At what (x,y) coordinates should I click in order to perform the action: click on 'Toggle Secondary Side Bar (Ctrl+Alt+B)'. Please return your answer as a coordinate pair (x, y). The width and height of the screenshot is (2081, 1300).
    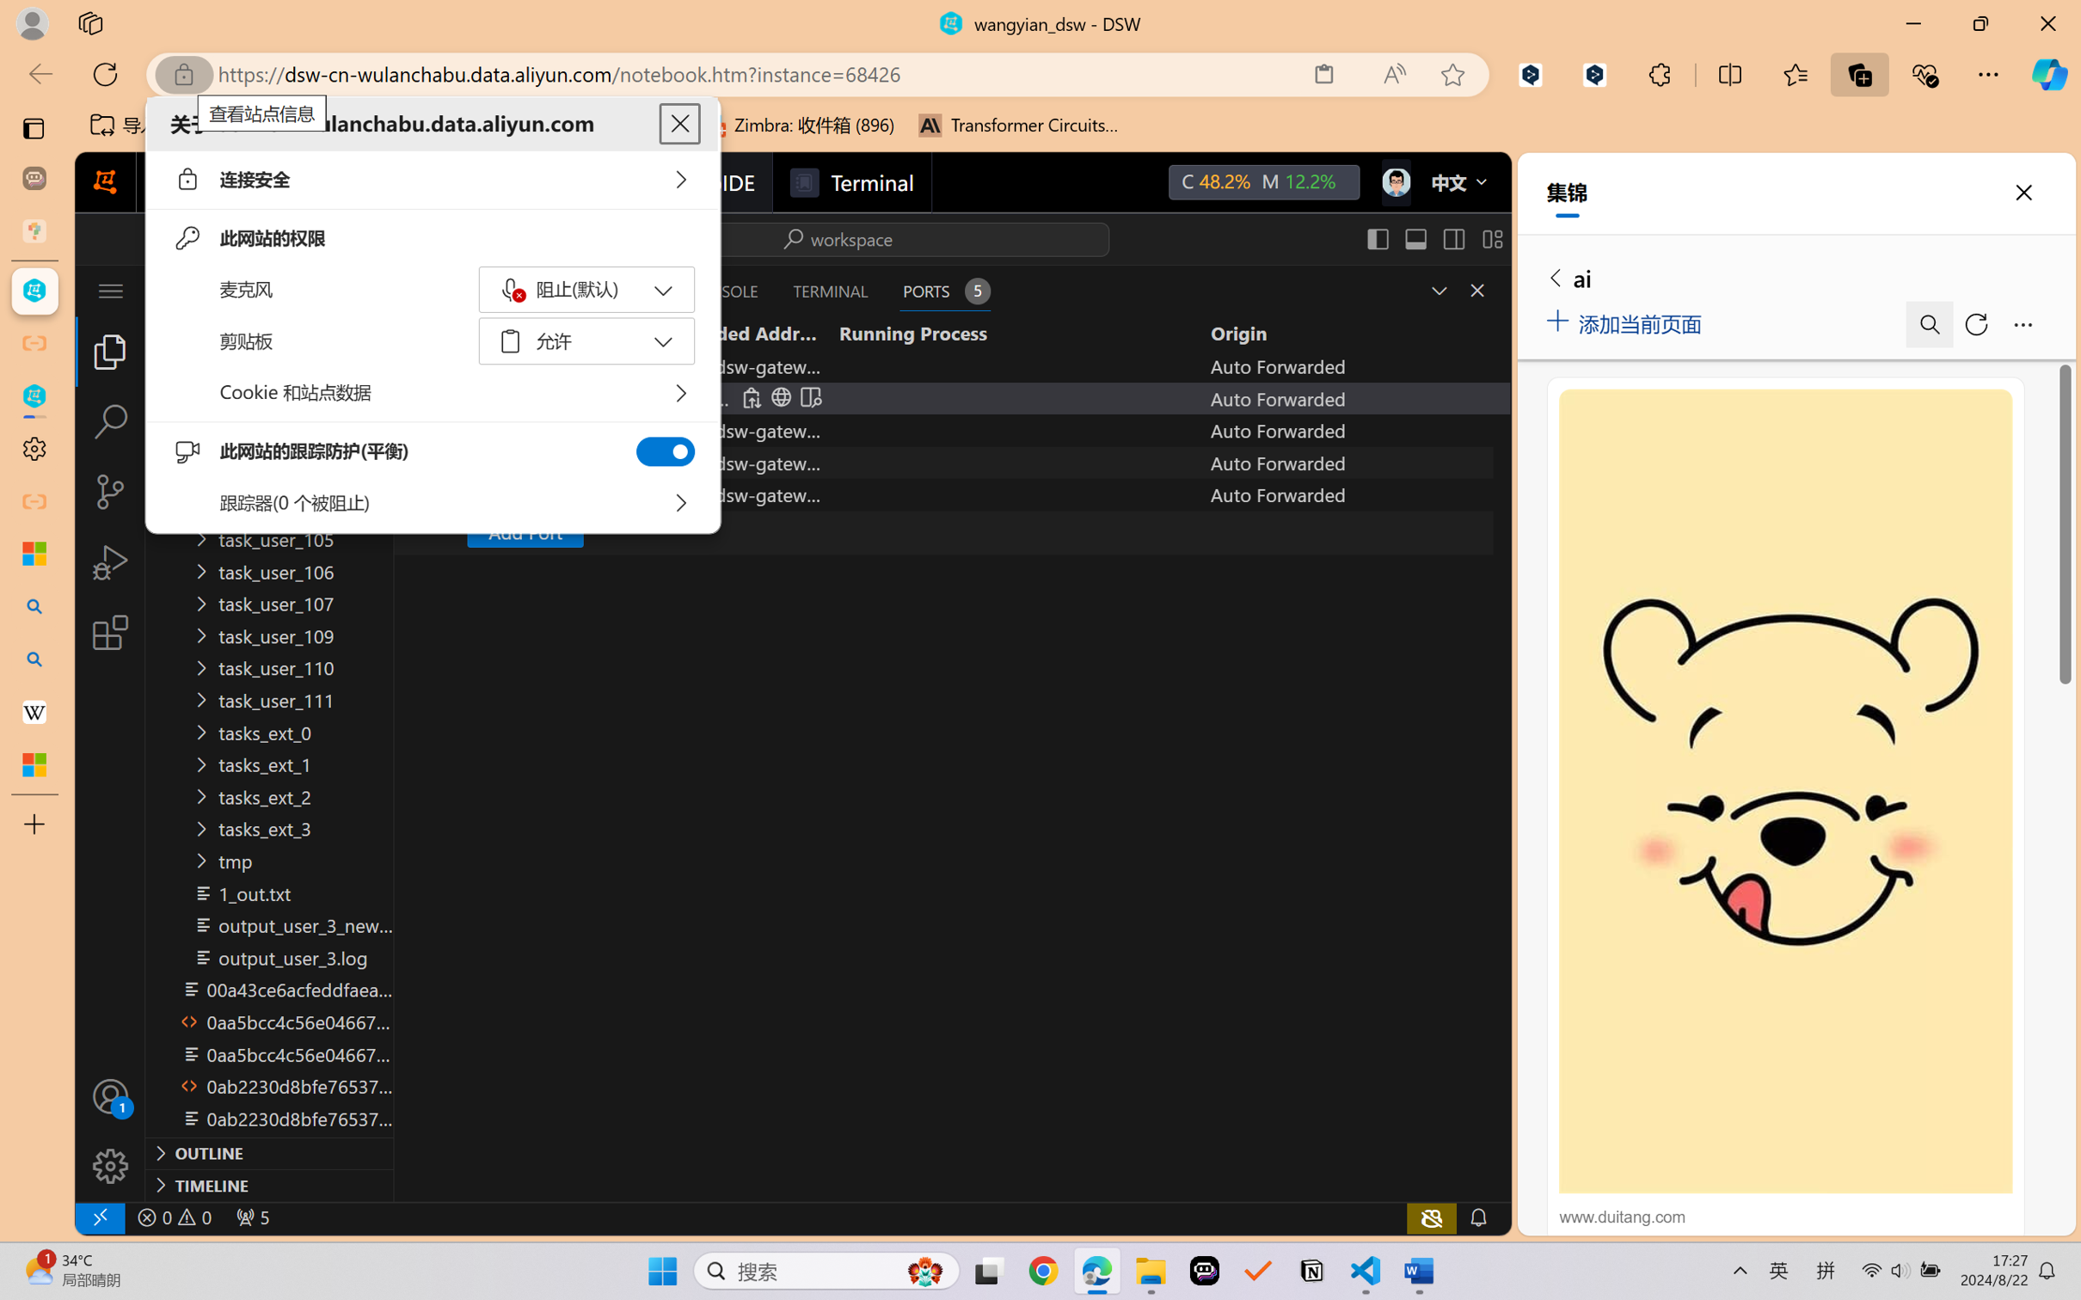
    Looking at the image, I should click on (1451, 238).